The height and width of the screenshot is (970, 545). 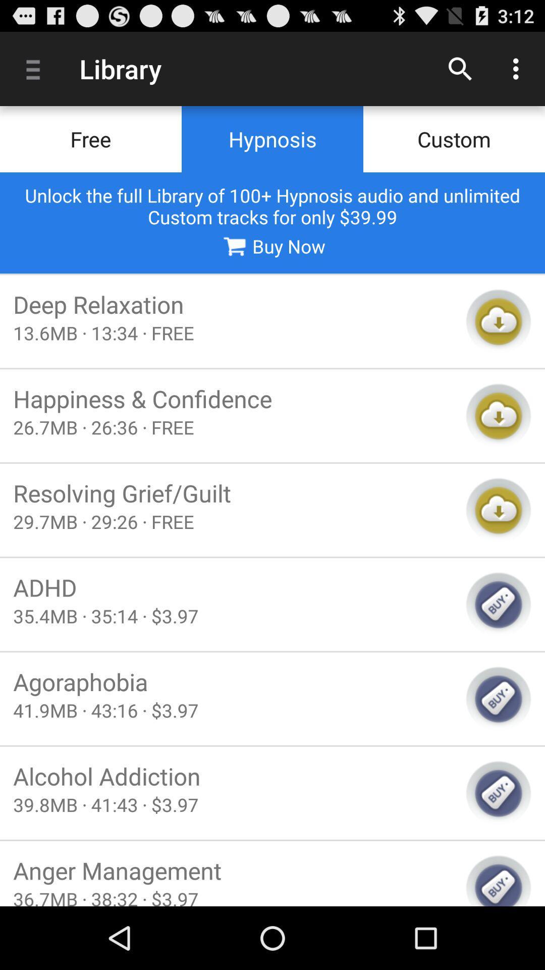 What do you see at coordinates (498, 604) in the screenshot?
I see `puuchase adhd book` at bounding box center [498, 604].